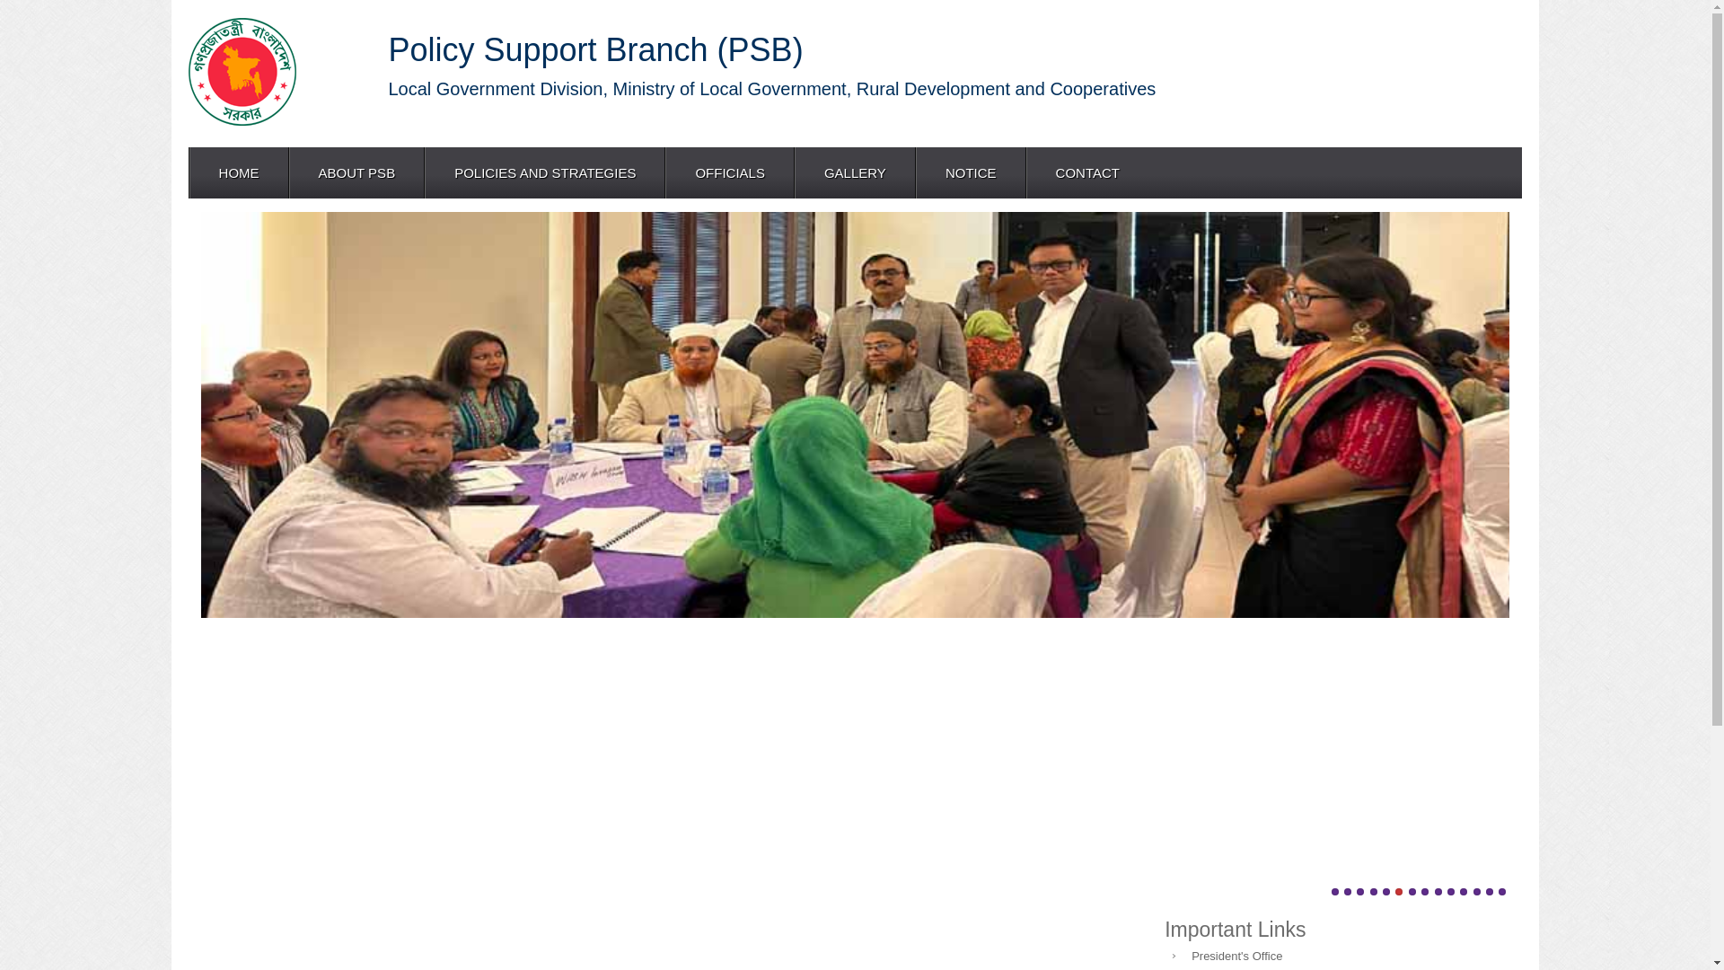 The height and width of the screenshot is (970, 1724). What do you see at coordinates (1334, 891) in the screenshot?
I see `'1'` at bounding box center [1334, 891].